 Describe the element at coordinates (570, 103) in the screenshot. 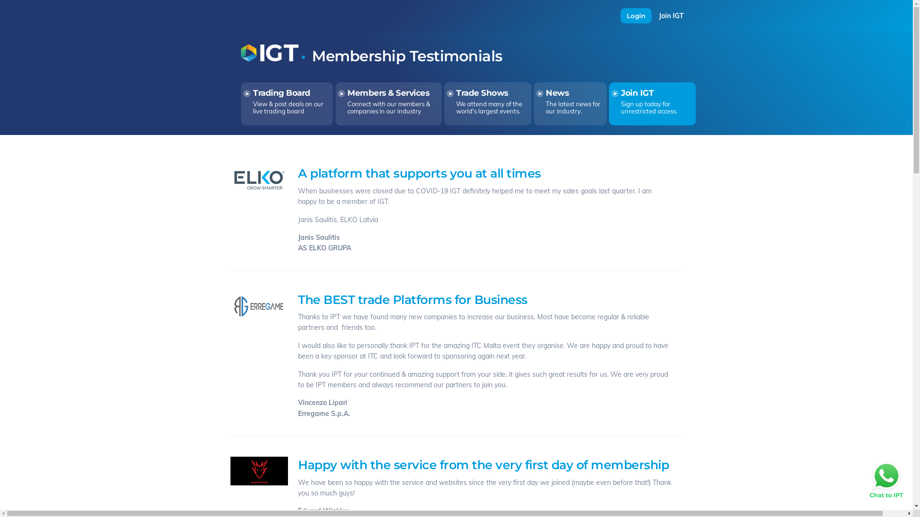

I see `'News` at that location.